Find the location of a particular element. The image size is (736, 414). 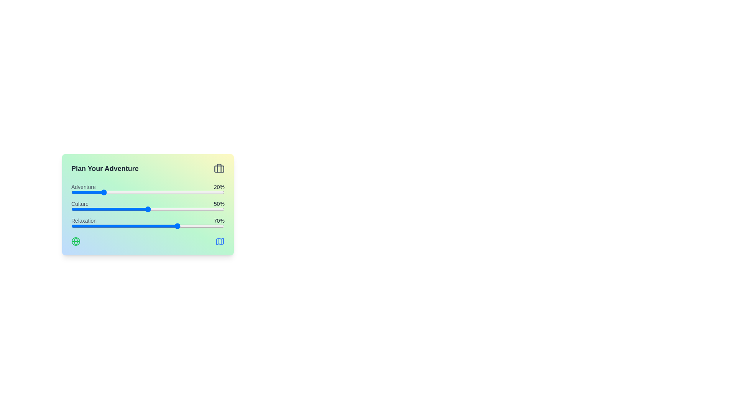

the 'Culture' slider to 15% is located at coordinates (94, 209).